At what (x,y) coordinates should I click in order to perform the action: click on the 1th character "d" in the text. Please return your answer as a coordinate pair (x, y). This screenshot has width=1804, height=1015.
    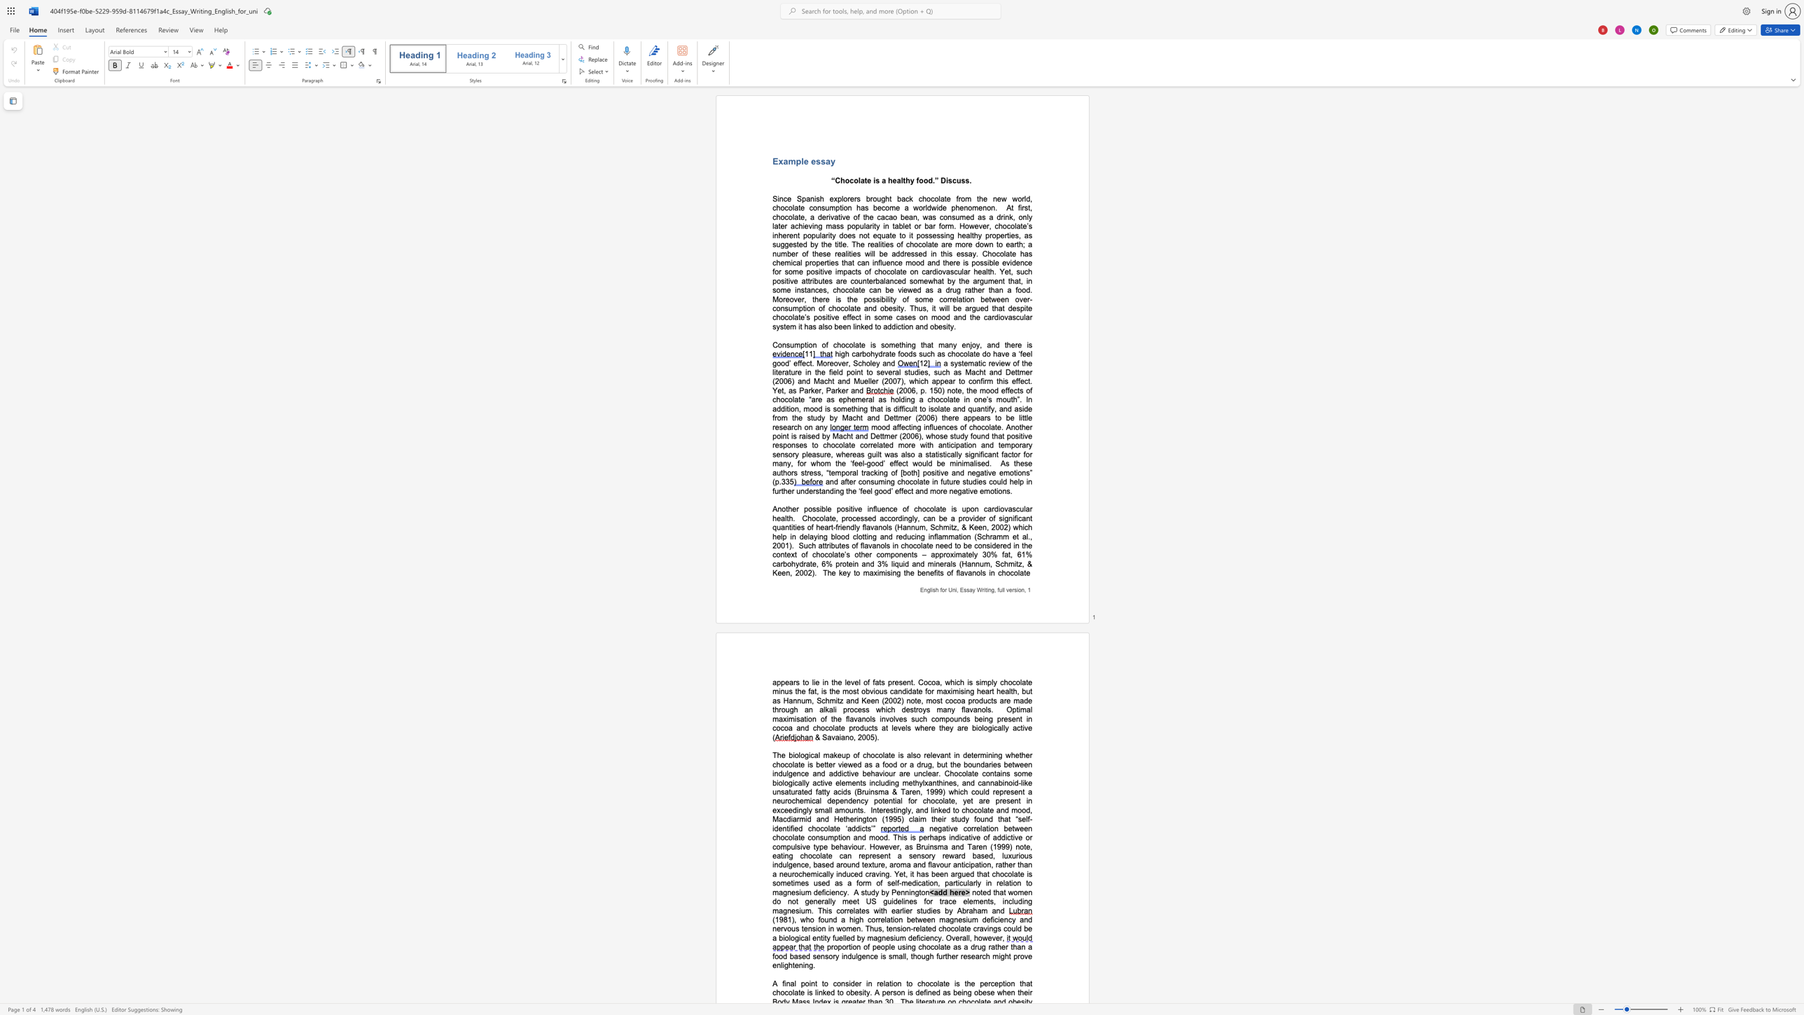
    Looking at the image, I should click on (930, 181).